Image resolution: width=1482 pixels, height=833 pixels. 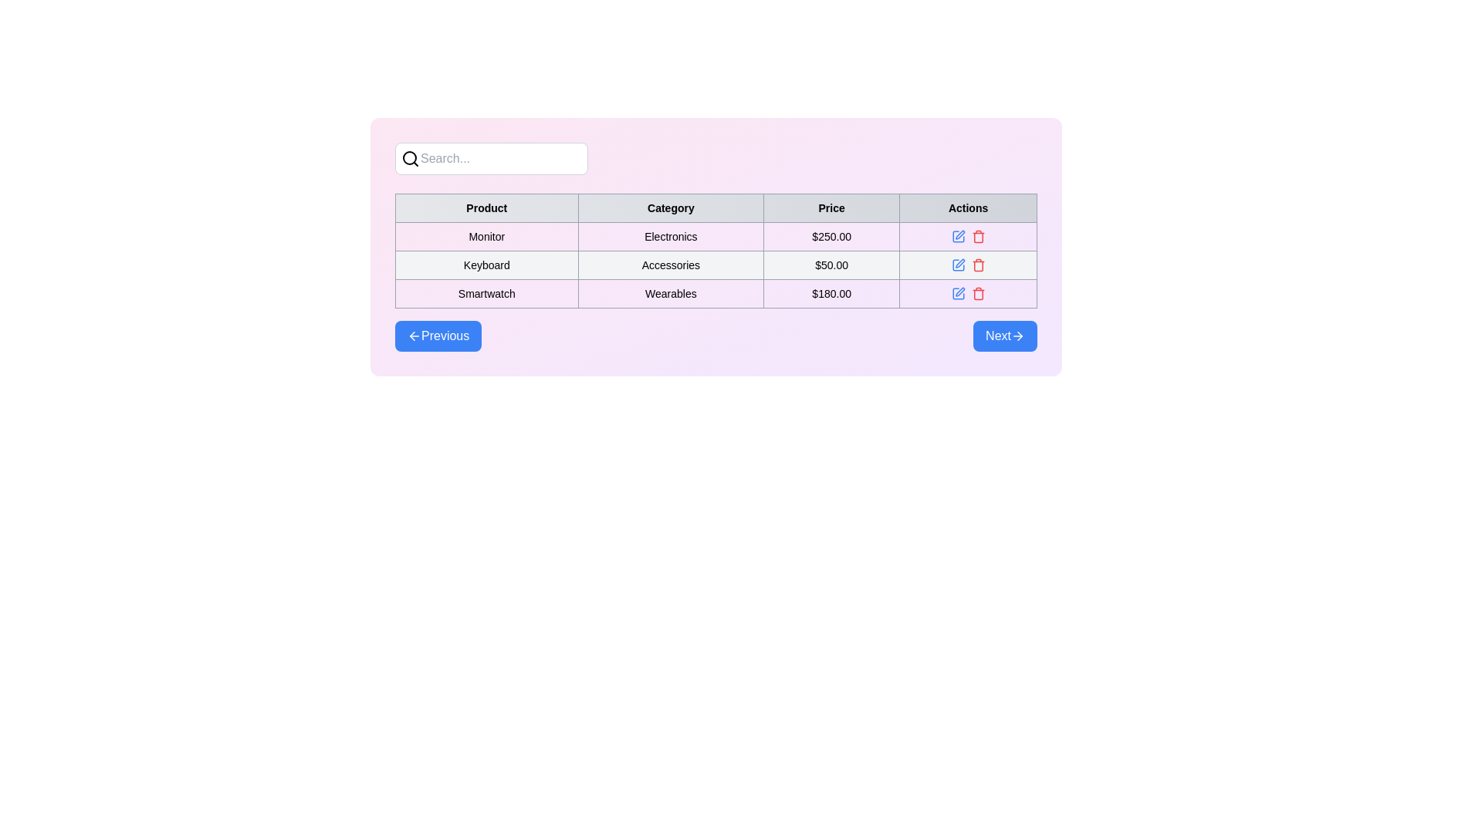 What do you see at coordinates (959, 234) in the screenshot?
I see `the pencil icon button located in the first row of the 'Actions' column of the table, which is styled as an editing tool` at bounding box center [959, 234].